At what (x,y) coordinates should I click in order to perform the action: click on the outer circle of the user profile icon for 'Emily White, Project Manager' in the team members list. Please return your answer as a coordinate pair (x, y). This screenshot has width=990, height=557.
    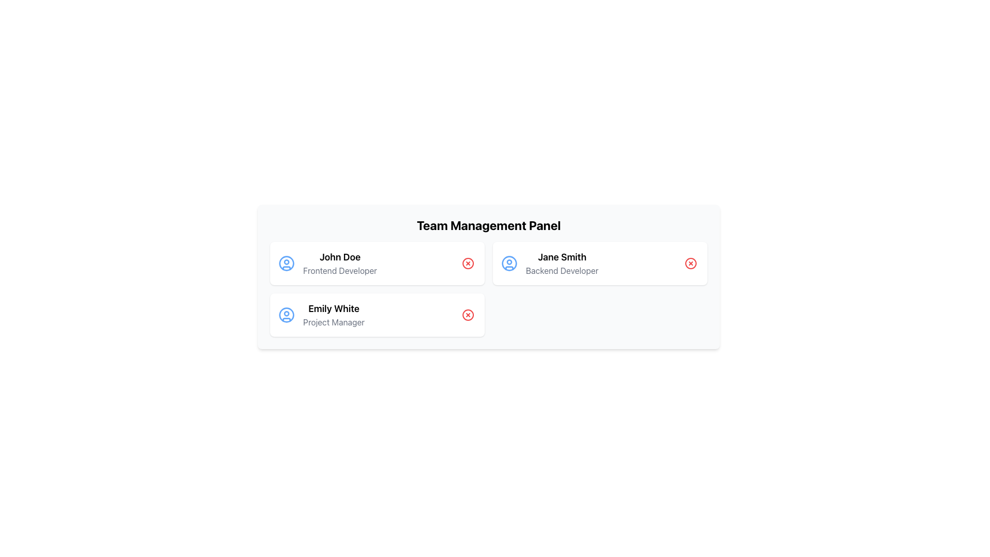
    Looking at the image, I should click on (287, 314).